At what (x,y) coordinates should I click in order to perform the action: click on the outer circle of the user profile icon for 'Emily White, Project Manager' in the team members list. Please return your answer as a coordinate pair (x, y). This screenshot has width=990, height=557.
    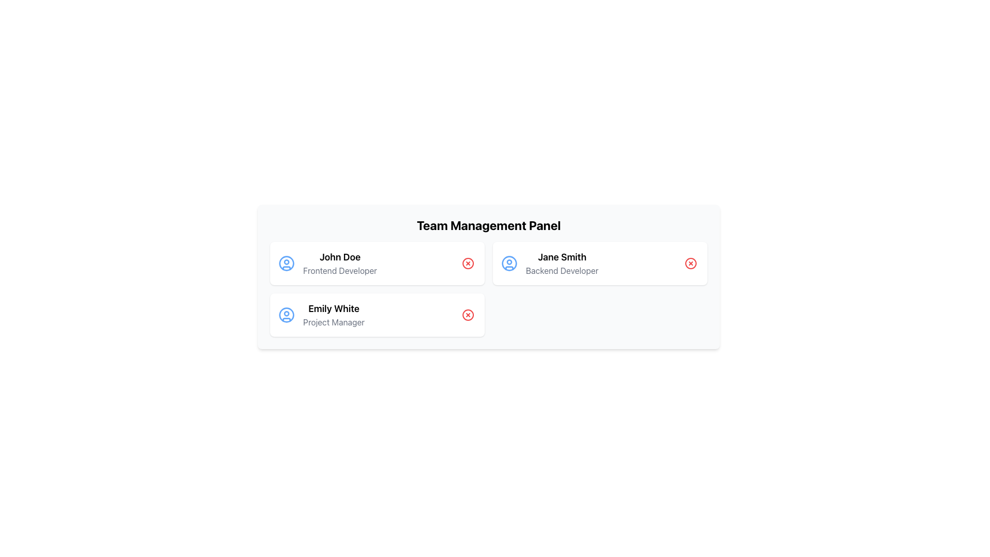
    Looking at the image, I should click on (287, 314).